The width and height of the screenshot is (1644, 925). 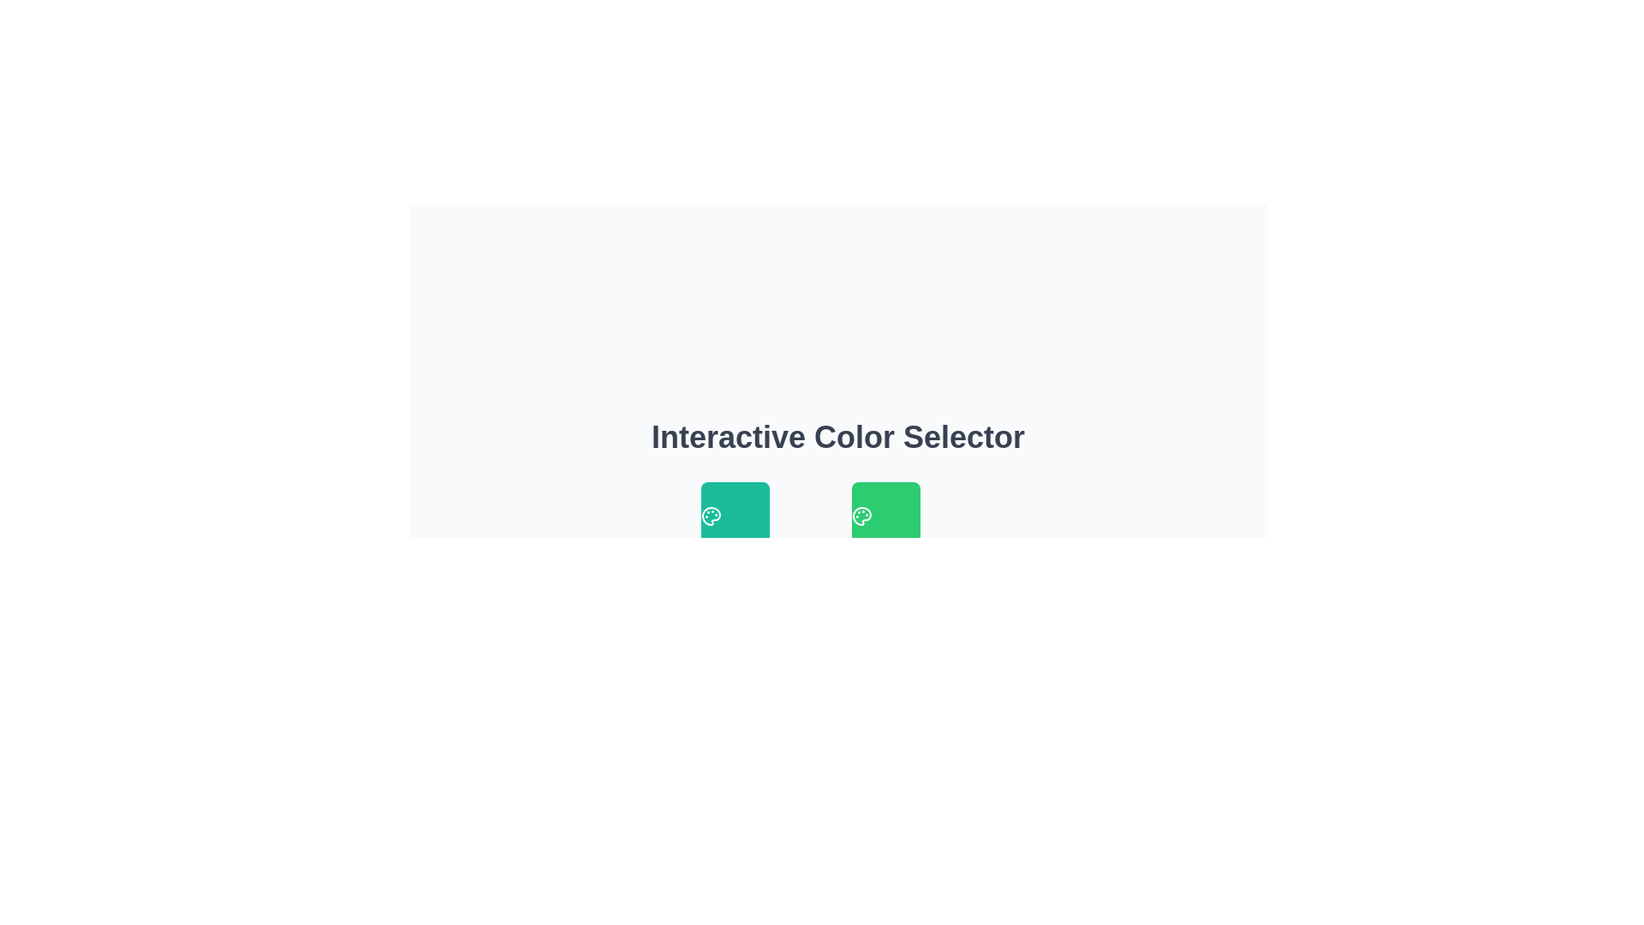 I want to click on the large, bold text reading 'Interactive Color Selector', which is styled in dark gray and centered at the top of the section, so click(x=838, y=436).